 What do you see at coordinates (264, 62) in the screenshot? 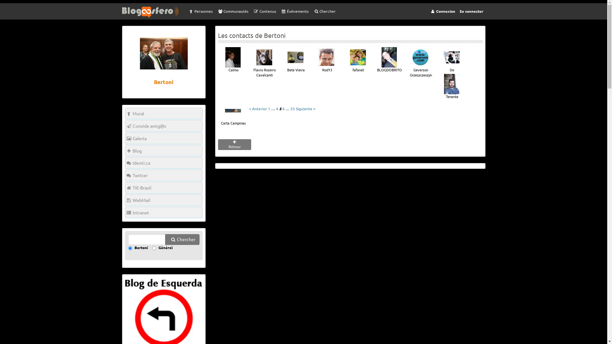
I see `'Flavio Roseiro Cavalcanti'` at bounding box center [264, 62].